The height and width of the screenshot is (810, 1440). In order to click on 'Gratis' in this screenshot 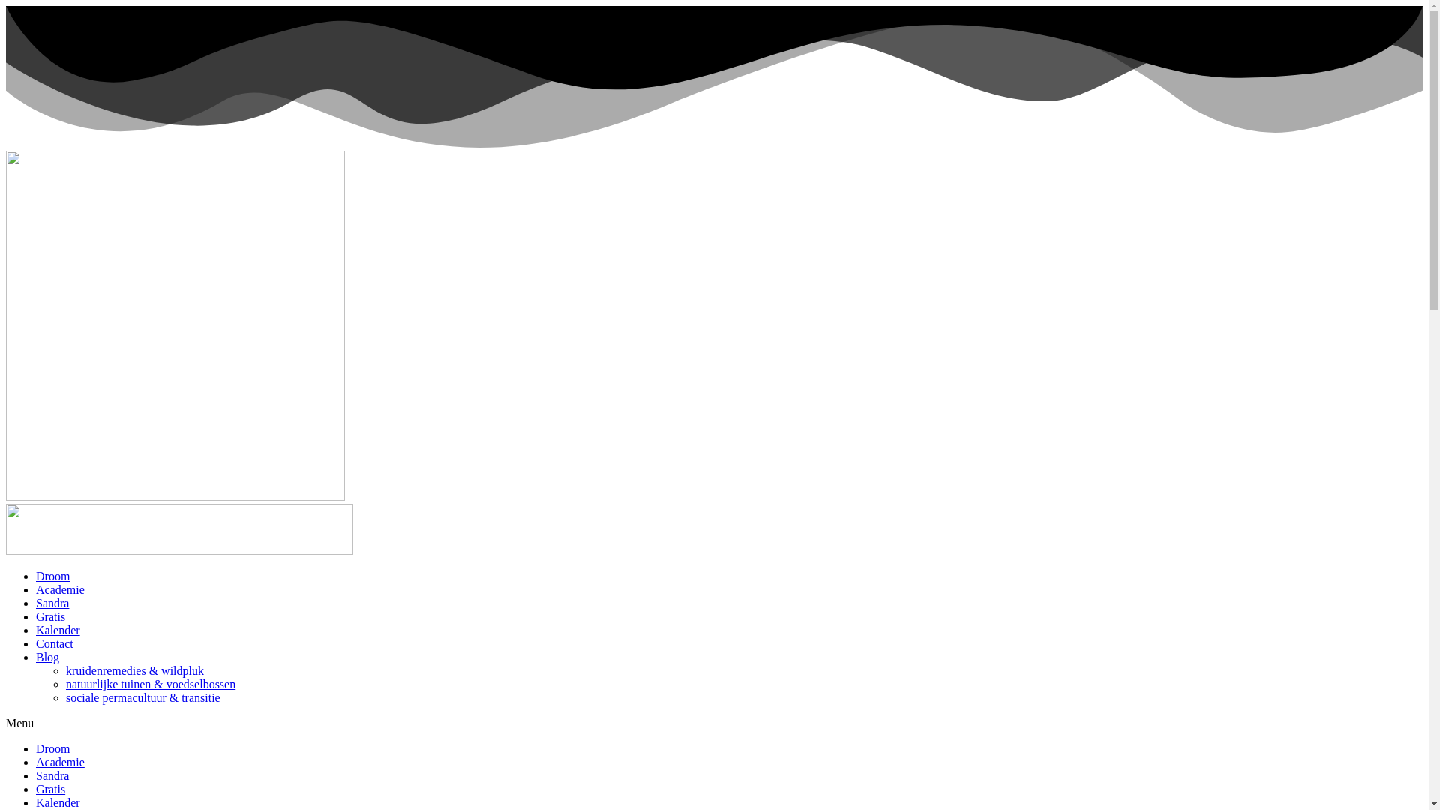, I will do `click(50, 616)`.